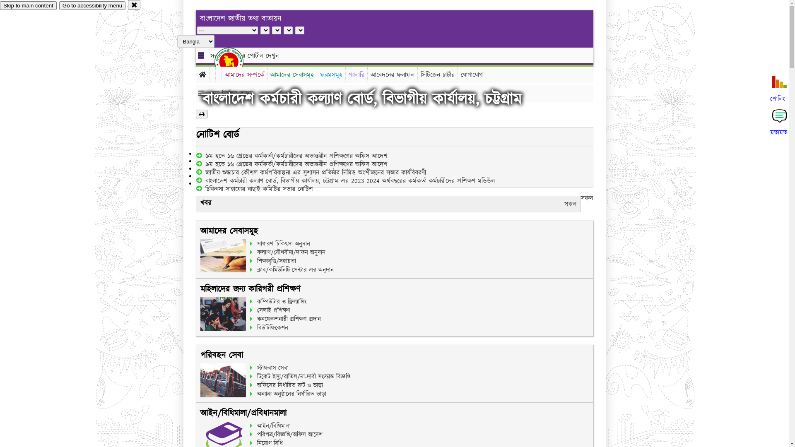  I want to click on 'close', so click(134, 5).